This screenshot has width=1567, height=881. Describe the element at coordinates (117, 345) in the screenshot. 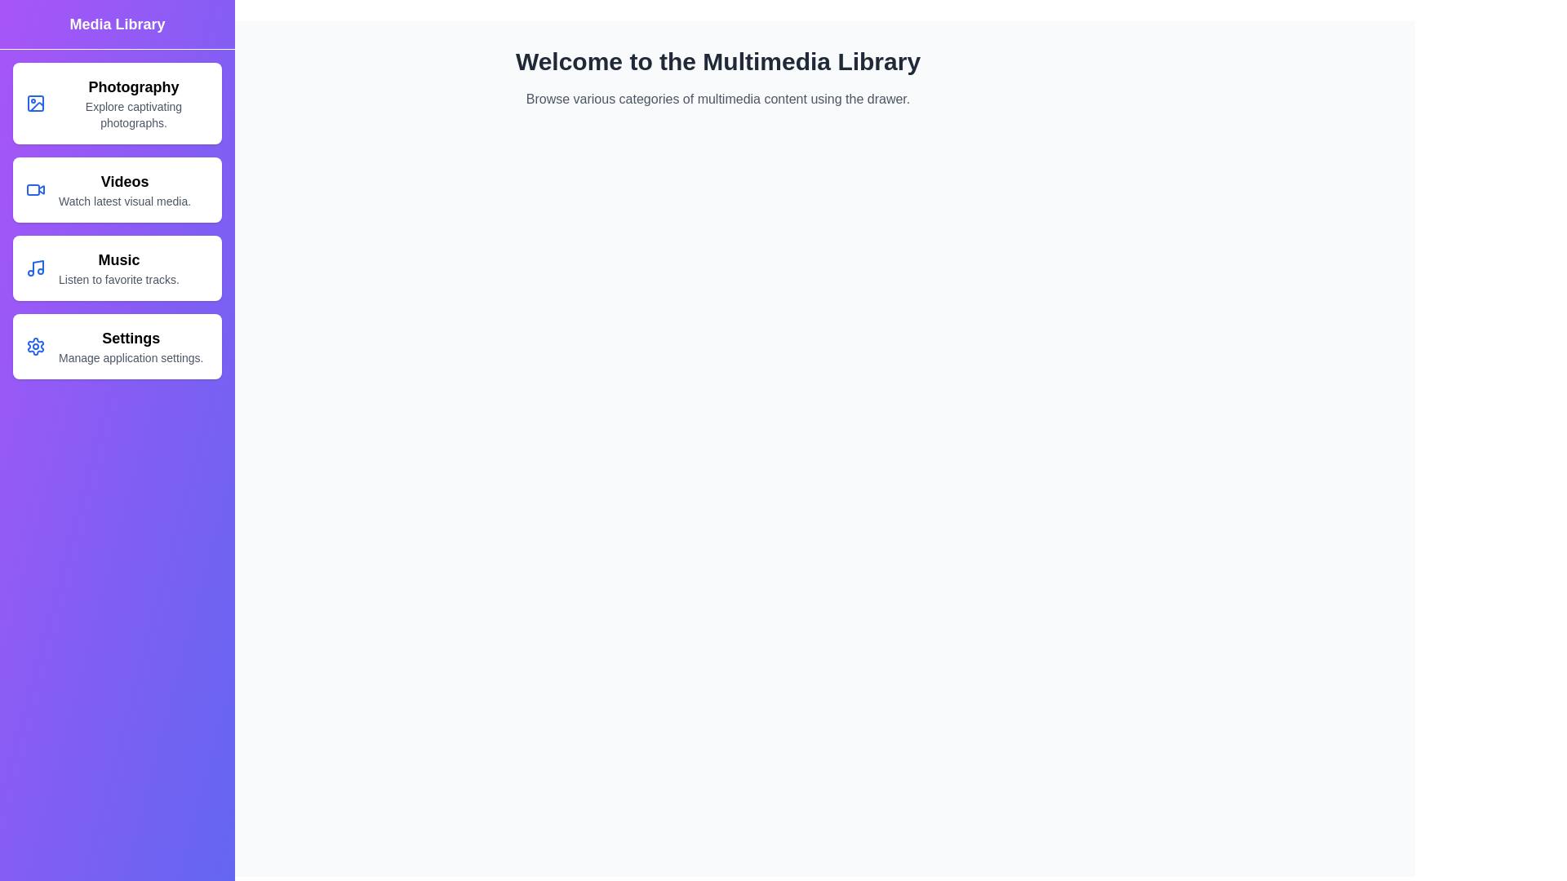

I see `the Settings category in the MultimediaDrawer` at that location.